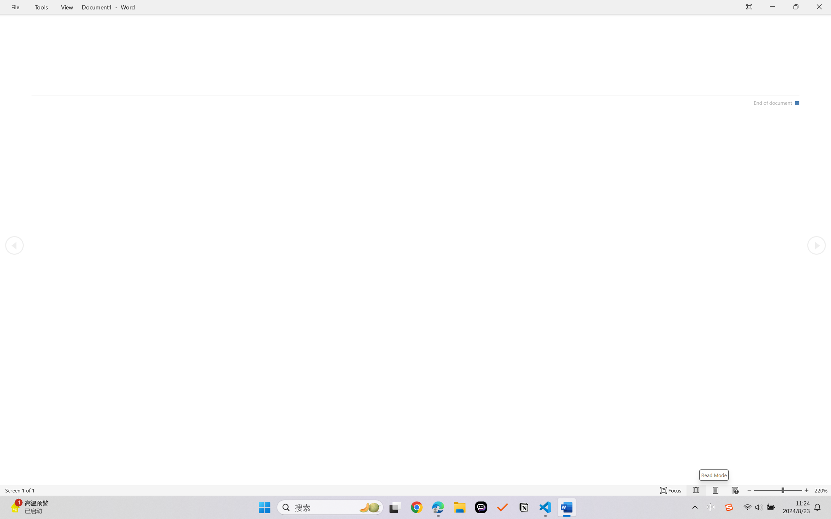 The width and height of the screenshot is (831, 519). What do you see at coordinates (806, 490) in the screenshot?
I see `'Increase Text Size'` at bounding box center [806, 490].